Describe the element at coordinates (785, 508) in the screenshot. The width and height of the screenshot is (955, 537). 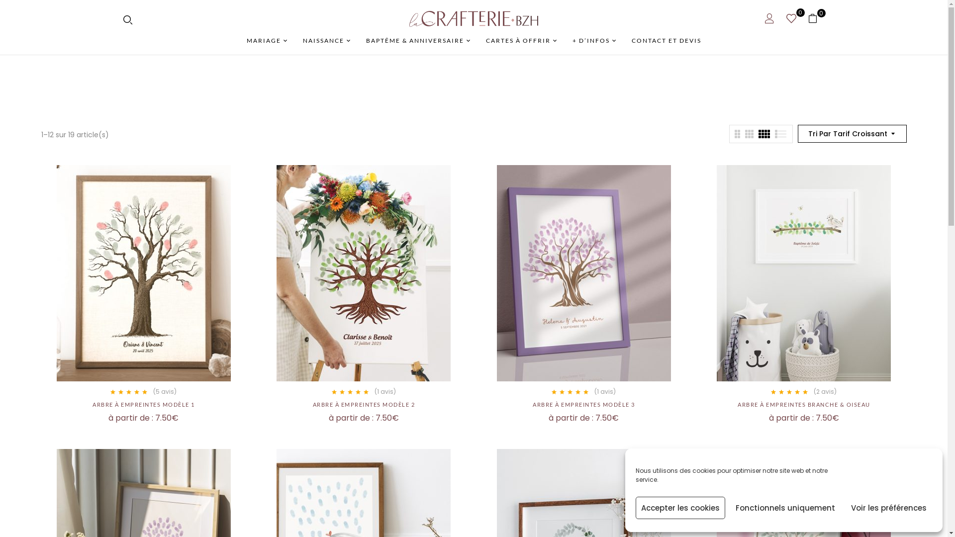
I see `'Fonctionnels uniquement'` at that location.